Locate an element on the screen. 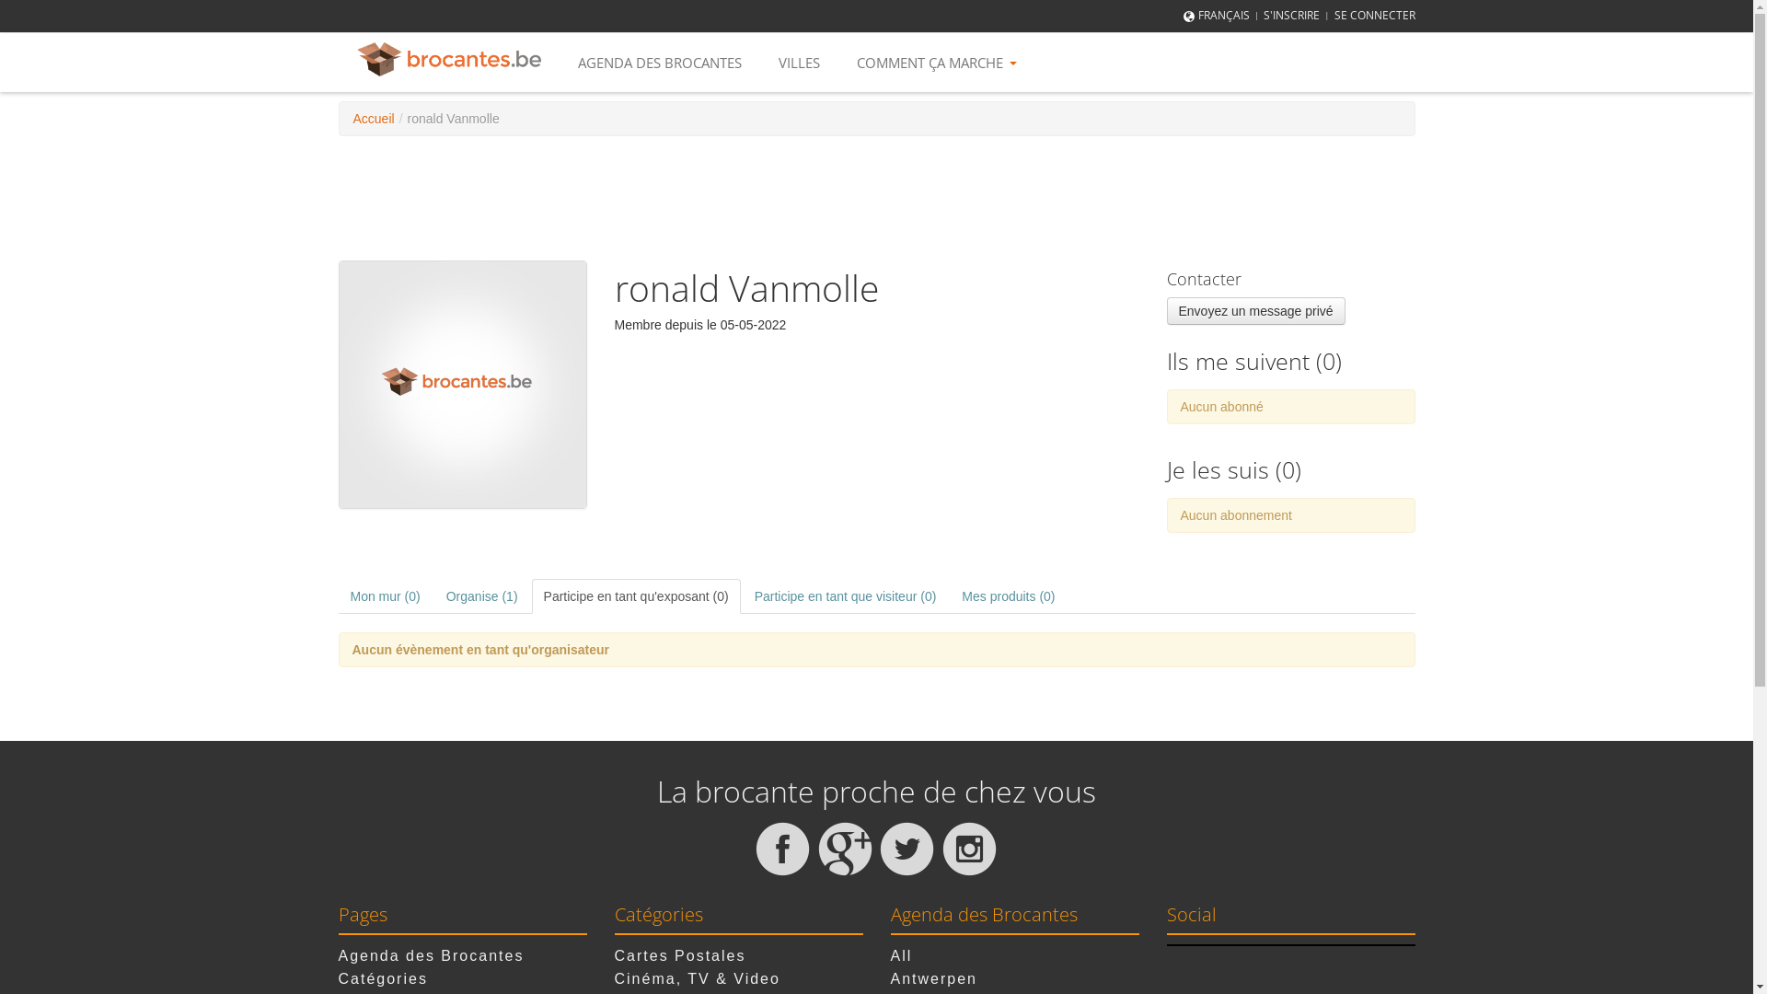 The width and height of the screenshot is (1767, 994). 'S'INSCRIRE' is located at coordinates (1290, 15).